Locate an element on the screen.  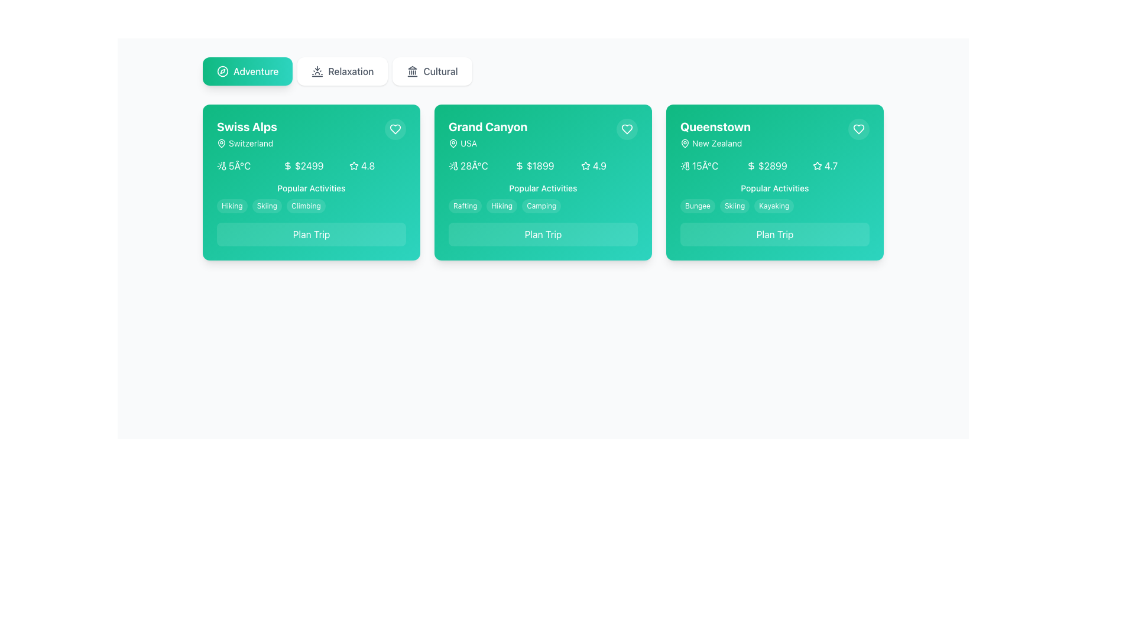
the Text Label displaying '5Â°C' within the green card titled 'Swiss Alps', which is aligned with a thermometer icon on the left is located at coordinates (239, 166).